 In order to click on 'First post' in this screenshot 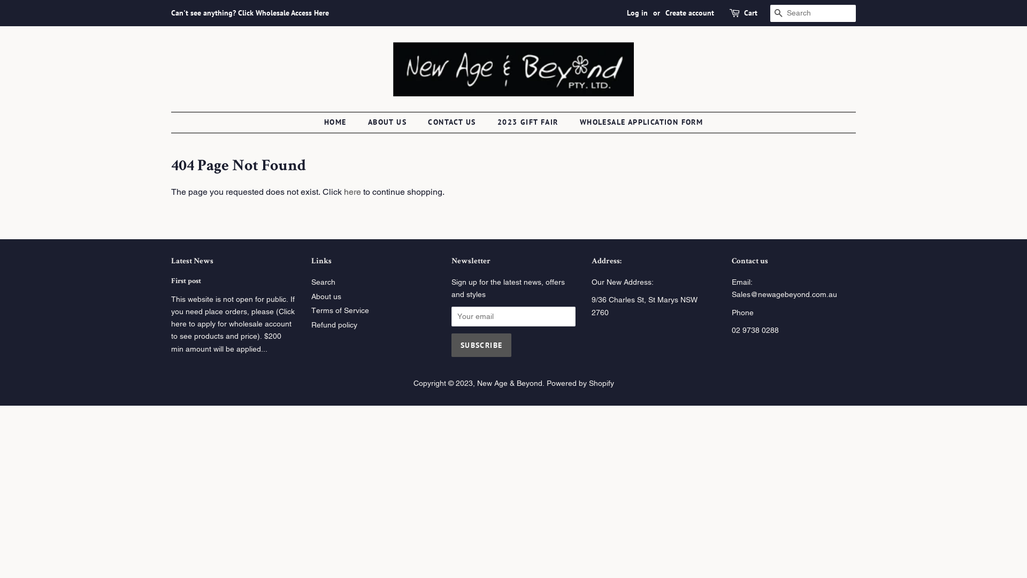, I will do `click(186, 280)`.